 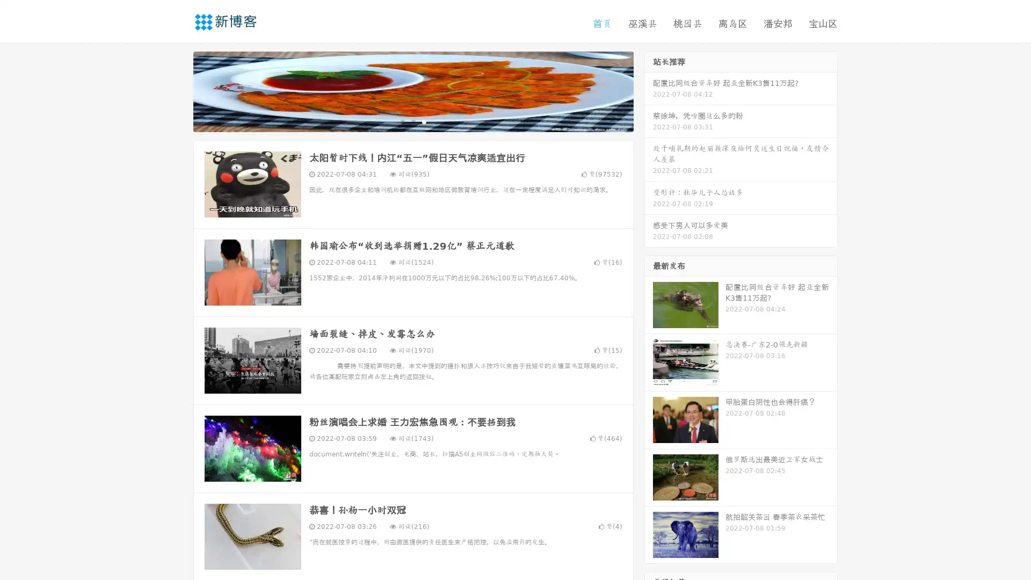 What do you see at coordinates (424, 121) in the screenshot?
I see `Go to slide 3` at bounding box center [424, 121].